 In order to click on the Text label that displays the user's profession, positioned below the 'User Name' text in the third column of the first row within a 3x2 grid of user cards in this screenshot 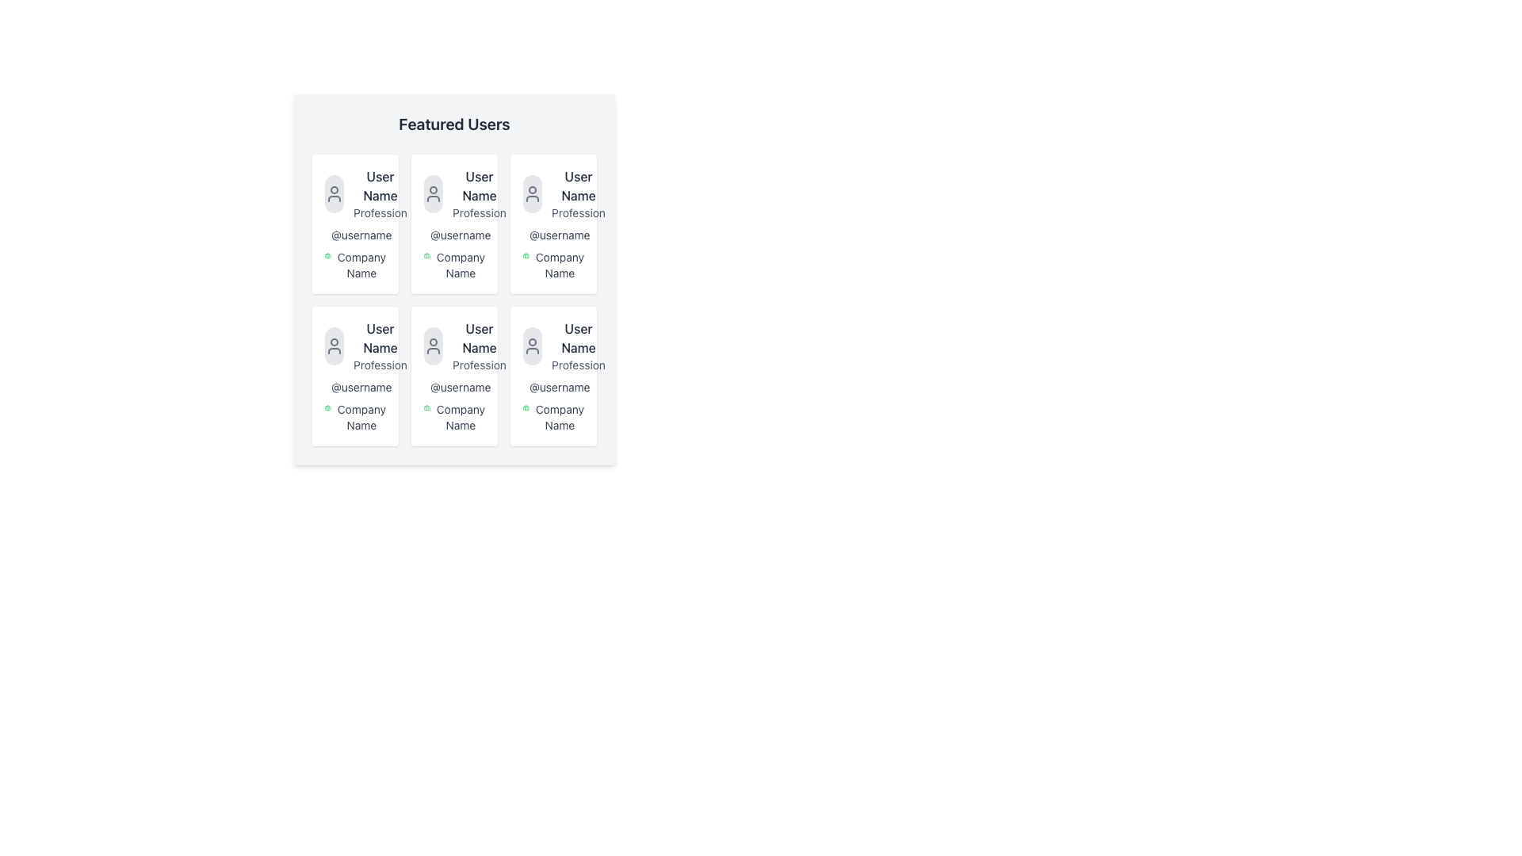, I will do `click(577, 212)`.